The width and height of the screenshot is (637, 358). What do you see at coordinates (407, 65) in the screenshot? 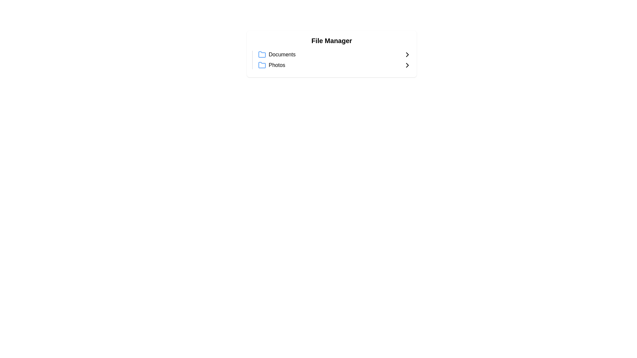
I see `the right-facing chevron SVG icon positioned to the right of the 'Photos' label` at bounding box center [407, 65].